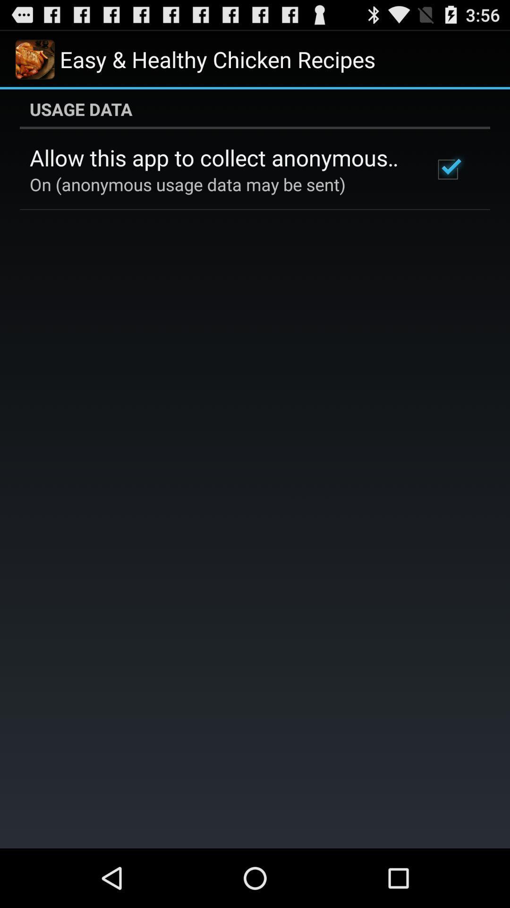  Describe the element at coordinates (219, 157) in the screenshot. I see `the allow this app icon` at that location.